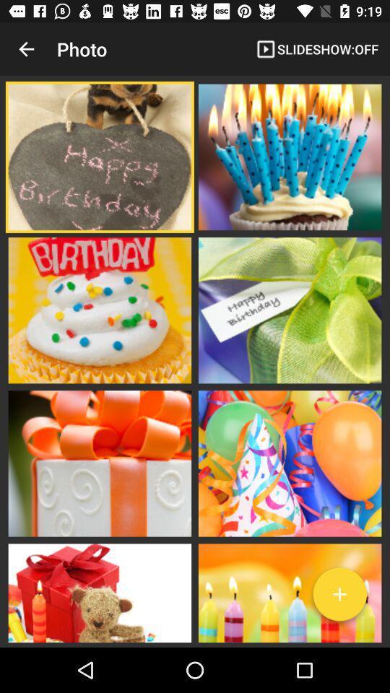  What do you see at coordinates (99, 310) in the screenshot?
I see `icon on the left` at bounding box center [99, 310].